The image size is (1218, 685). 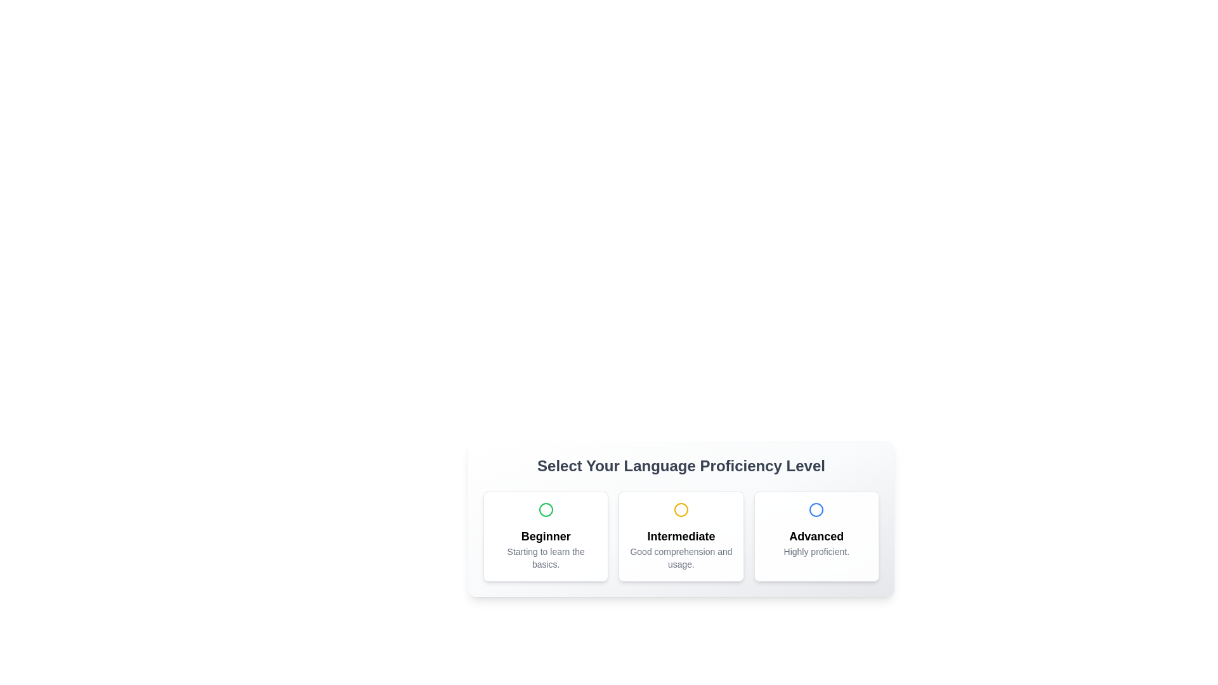 I want to click on the 'Beginner' card in the grid layout containing selectable cards for language proficiency levels to trigger a visual cue, so click(x=681, y=536).